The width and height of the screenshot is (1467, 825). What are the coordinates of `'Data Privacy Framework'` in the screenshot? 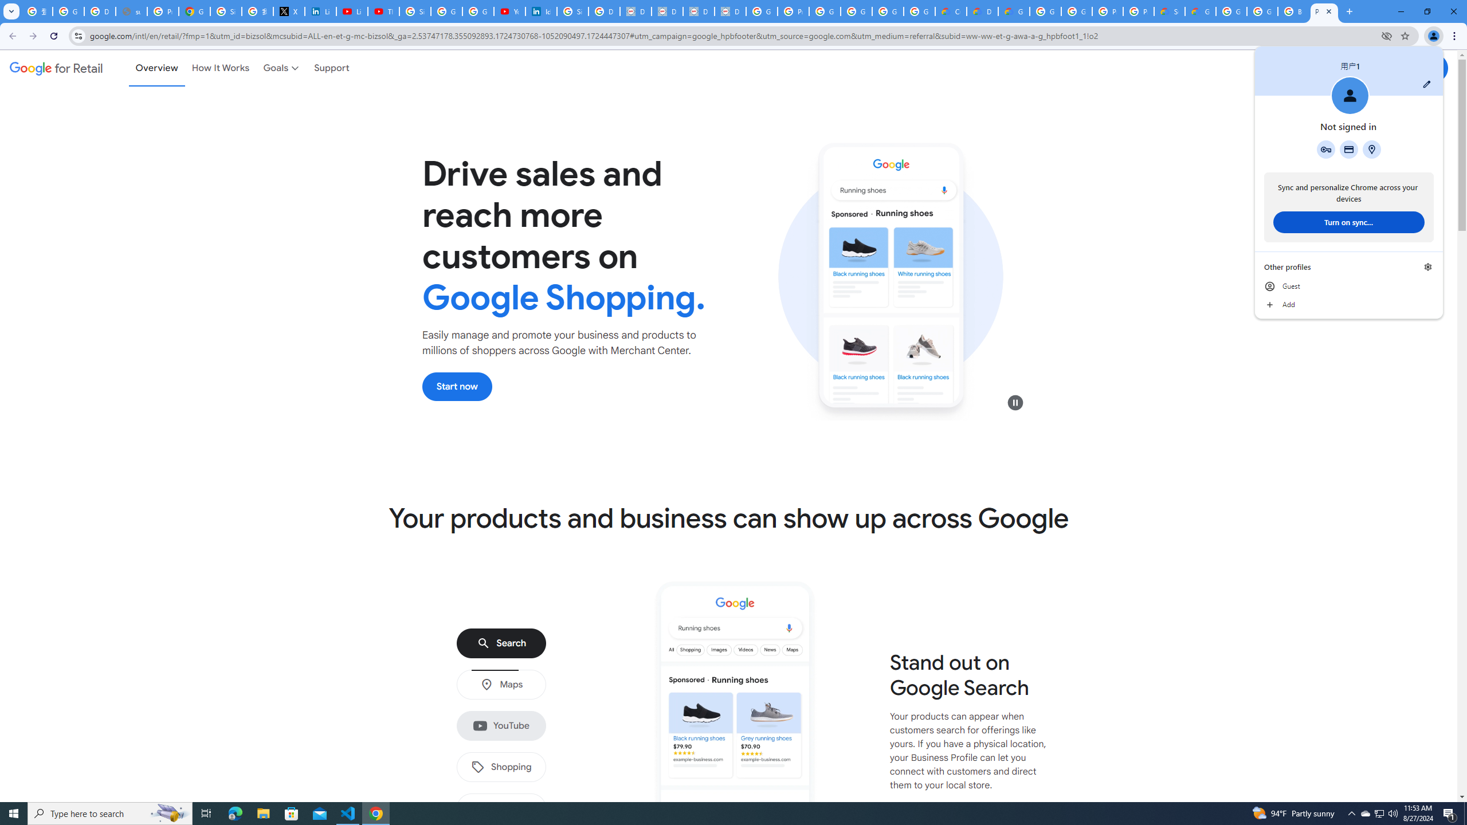 It's located at (698, 11).